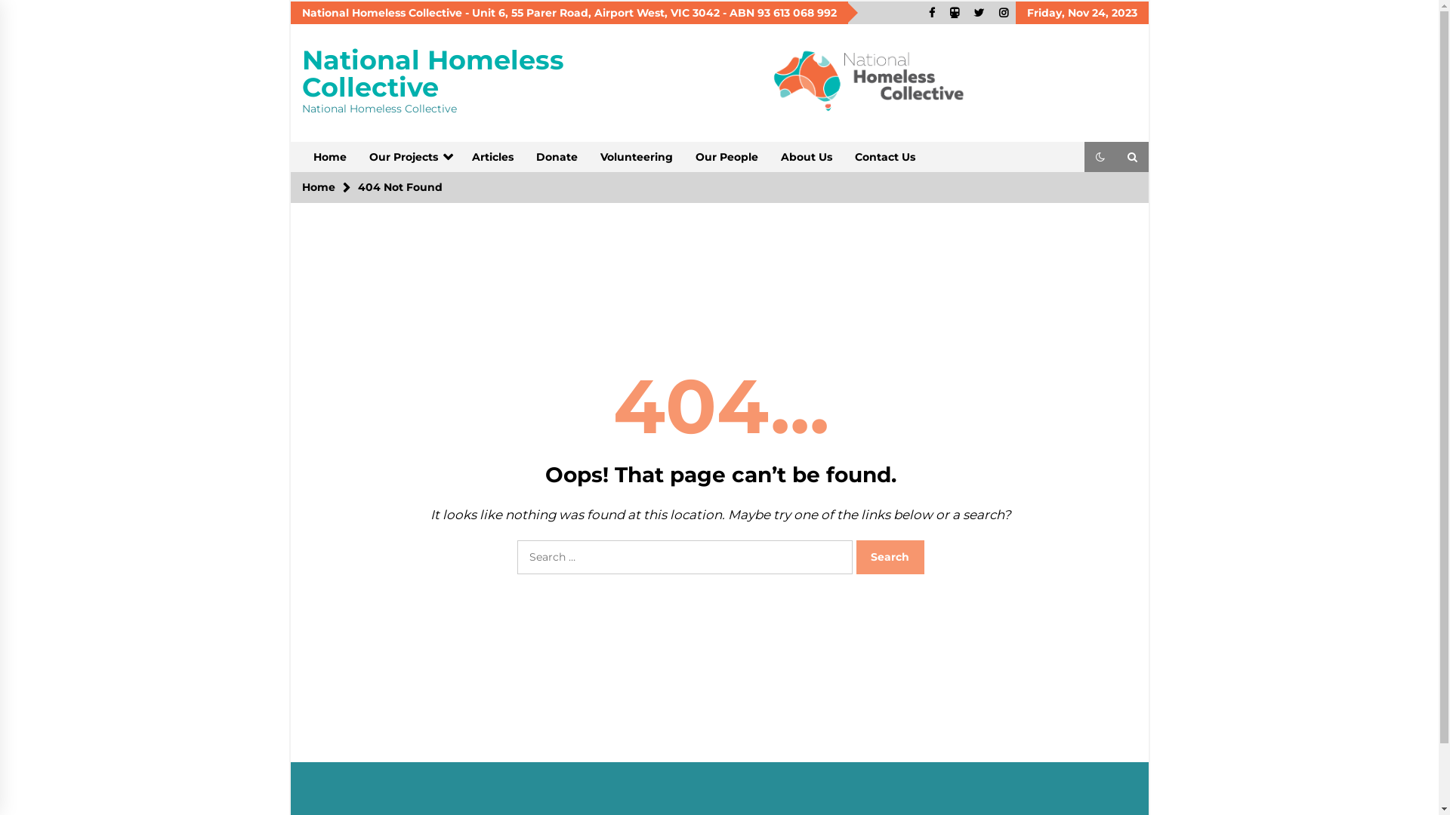  What do you see at coordinates (432, 73) in the screenshot?
I see `'National Homeless Collective'` at bounding box center [432, 73].